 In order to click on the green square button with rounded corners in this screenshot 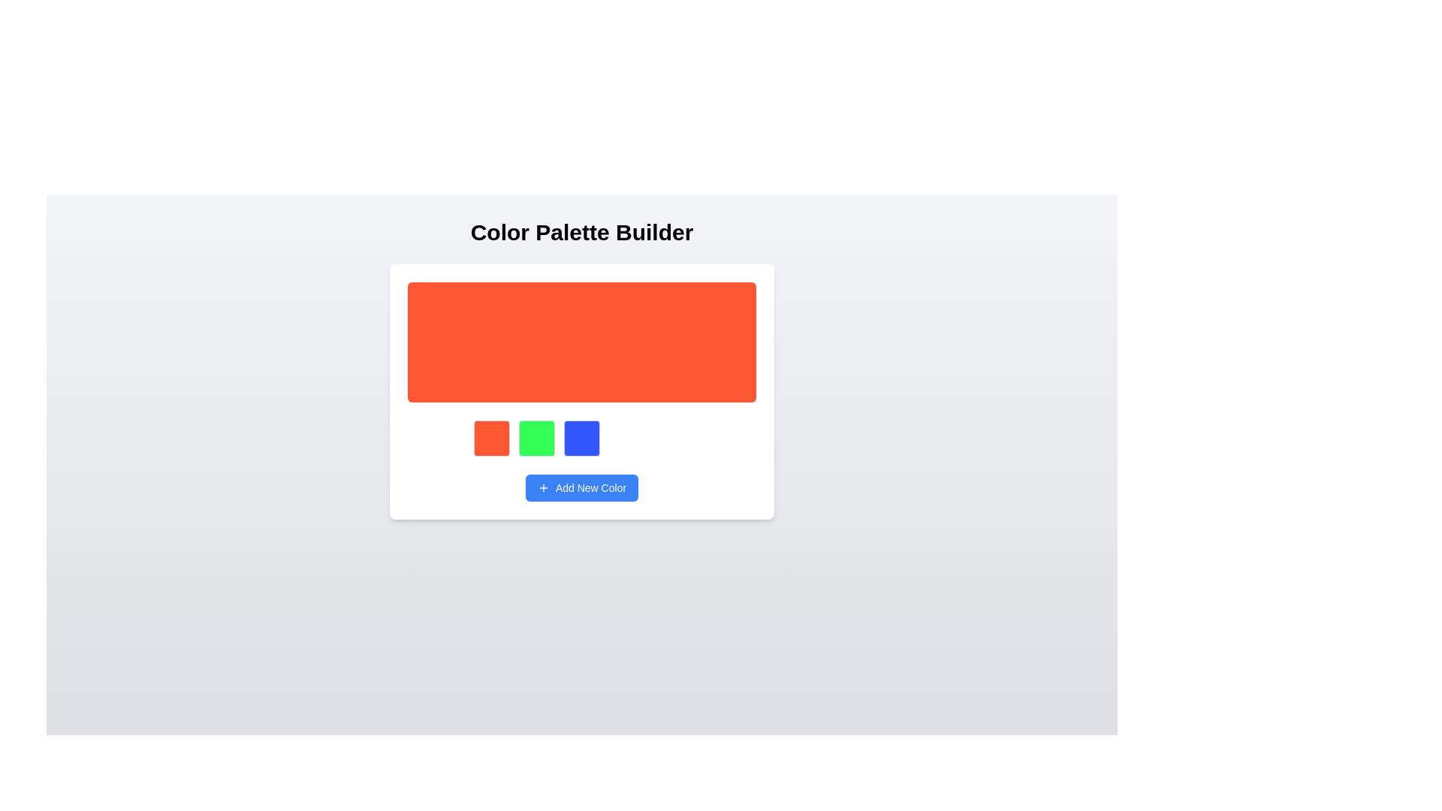, I will do `click(537, 438)`.